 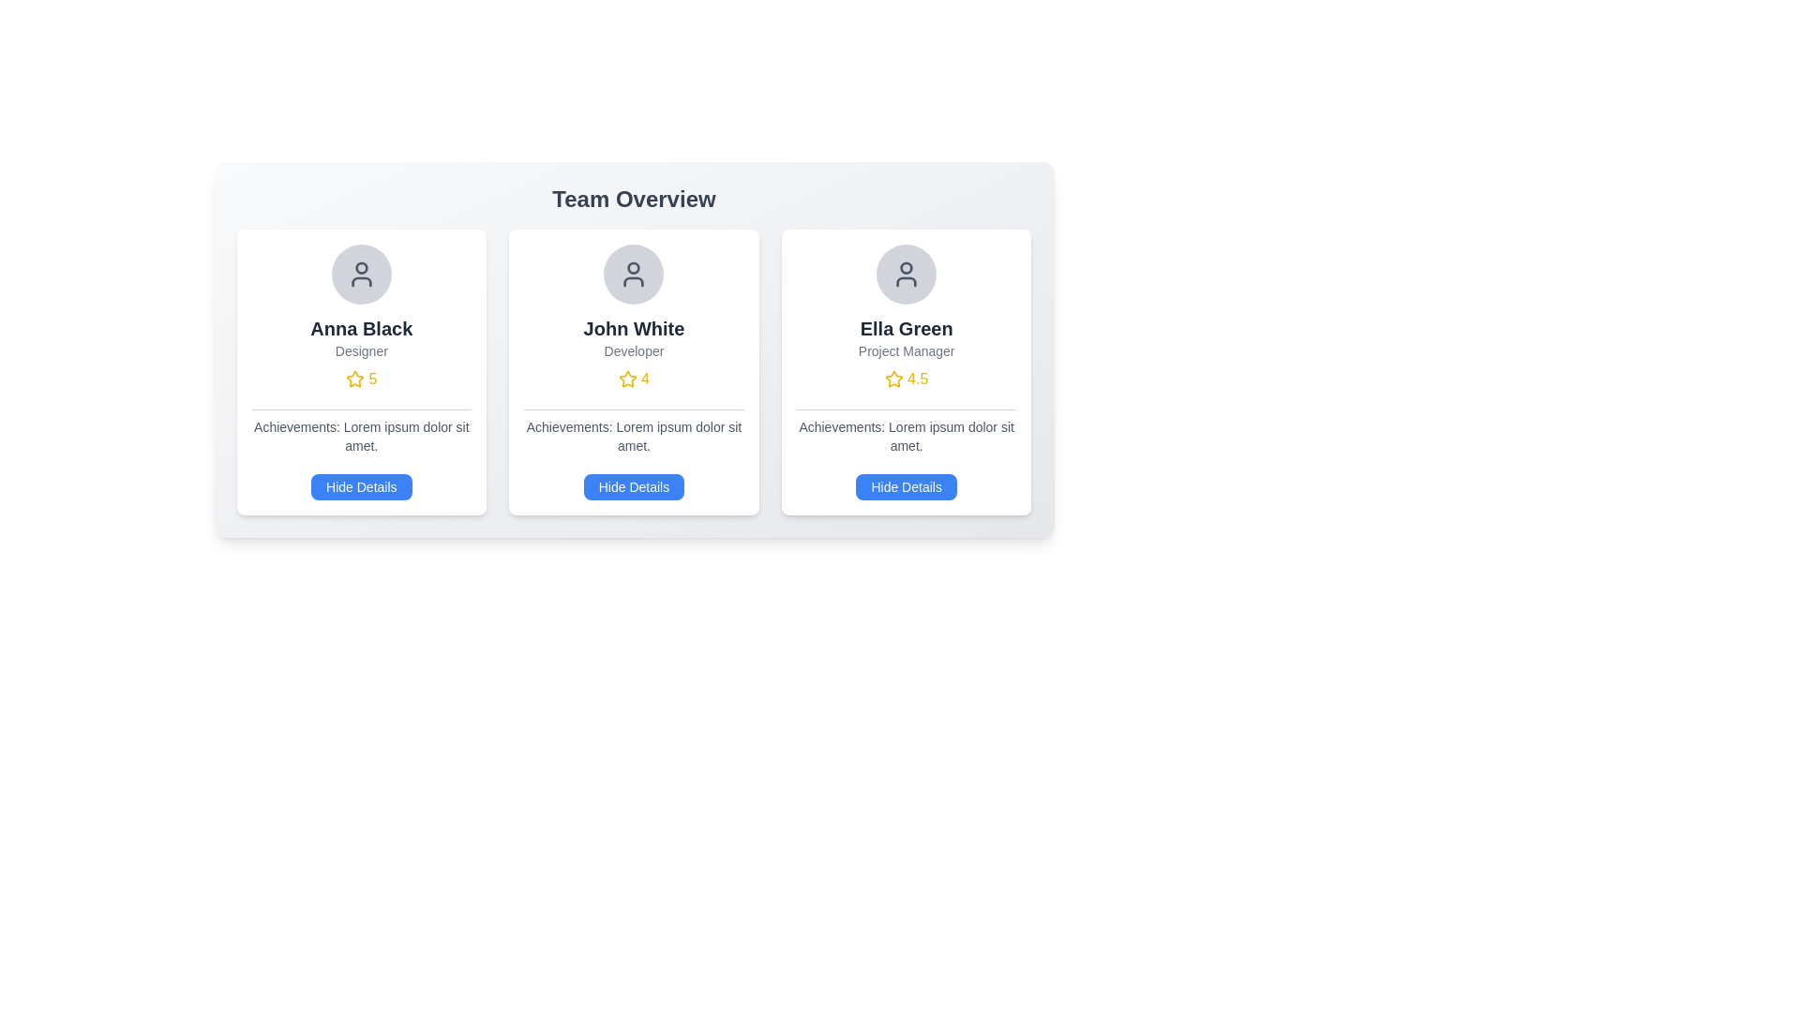 What do you see at coordinates (907, 275) in the screenshot?
I see `the user icon, a circular gray icon with a user silhouette, located at the top of the third card from the left in the 'Team Overview' section, above the 'Ella Green' text` at bounding box center [907, 275].